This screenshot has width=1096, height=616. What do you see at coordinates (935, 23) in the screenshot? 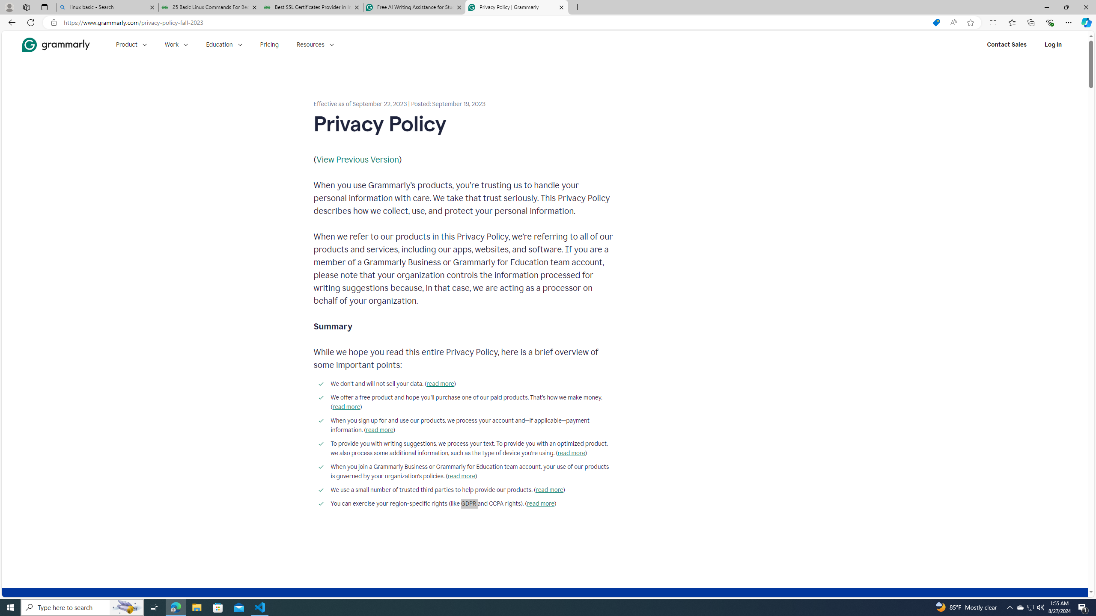
I see `'Shopping in Microsoft Edge'` at bounding box center [935, 23].